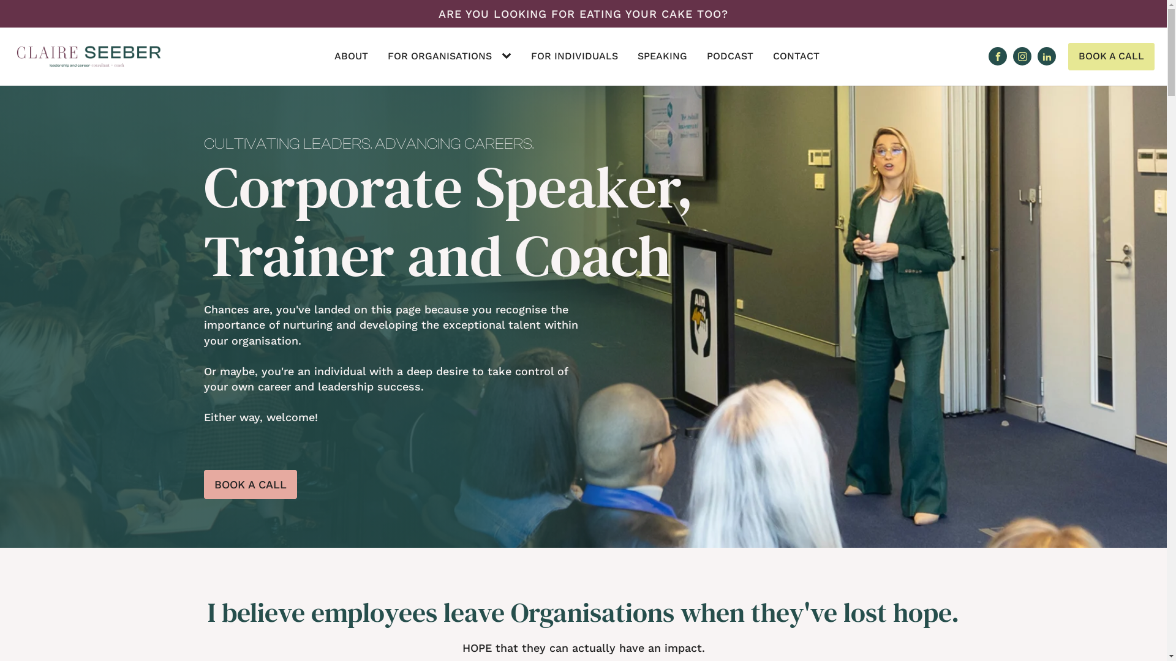 The height and width of the screenshot is (661, 1176). I want to click on 'ARE YOU LOOKING FOR EATING YOUR CAKE TOO?', so click(582, 13).